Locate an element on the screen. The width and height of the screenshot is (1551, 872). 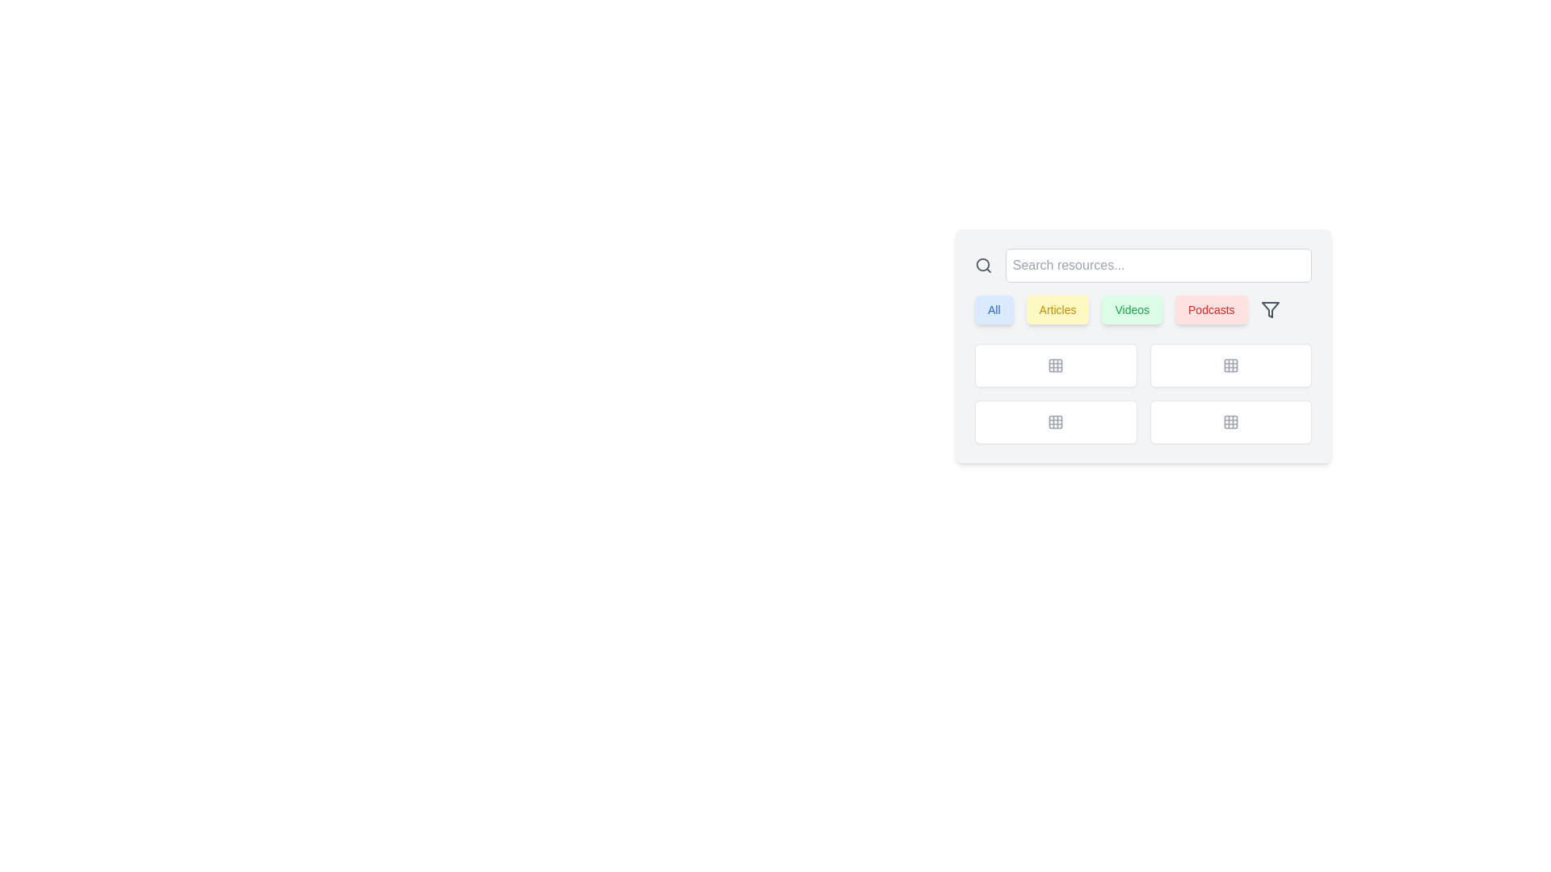
the fourth button in a grid layout, which features an embedded light gray grid icon on a white rectangular button is located at coordinates (1229, 421).